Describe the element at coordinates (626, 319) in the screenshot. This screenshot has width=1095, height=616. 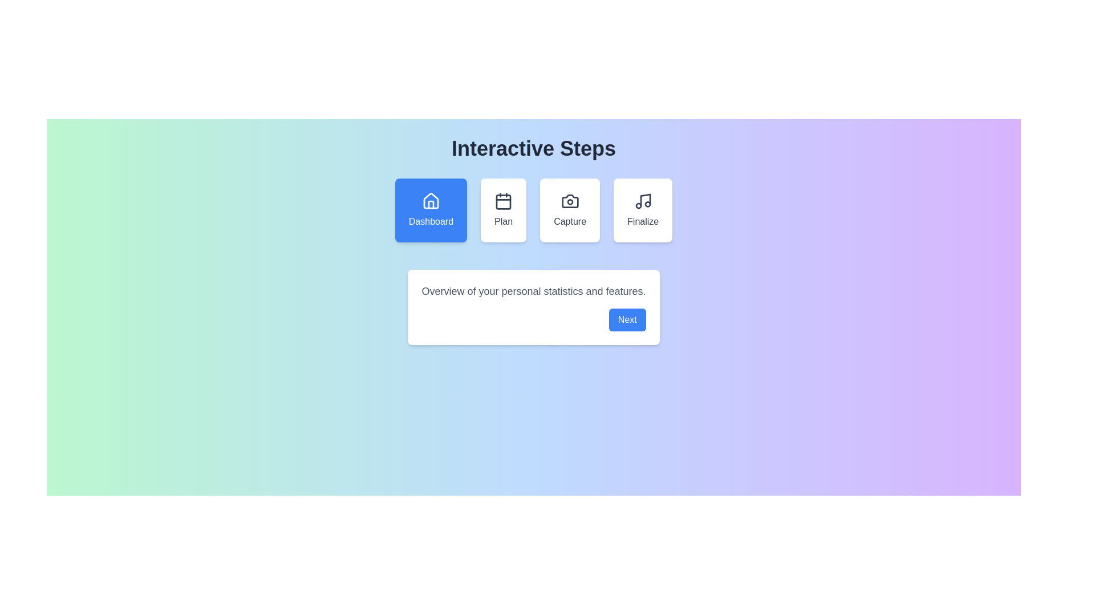
I see `the 'Next' button to navigate to the next step` at that location.